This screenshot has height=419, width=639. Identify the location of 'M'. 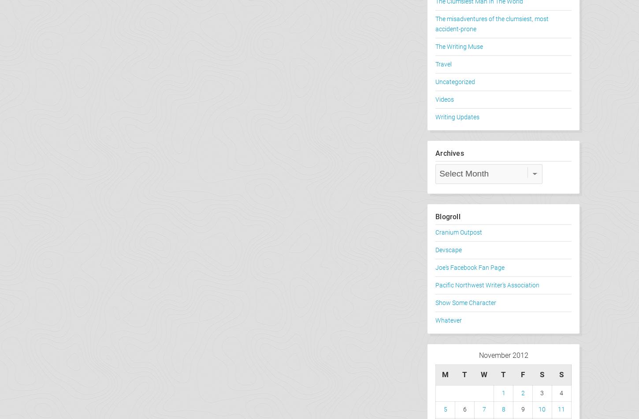
(442, 374).